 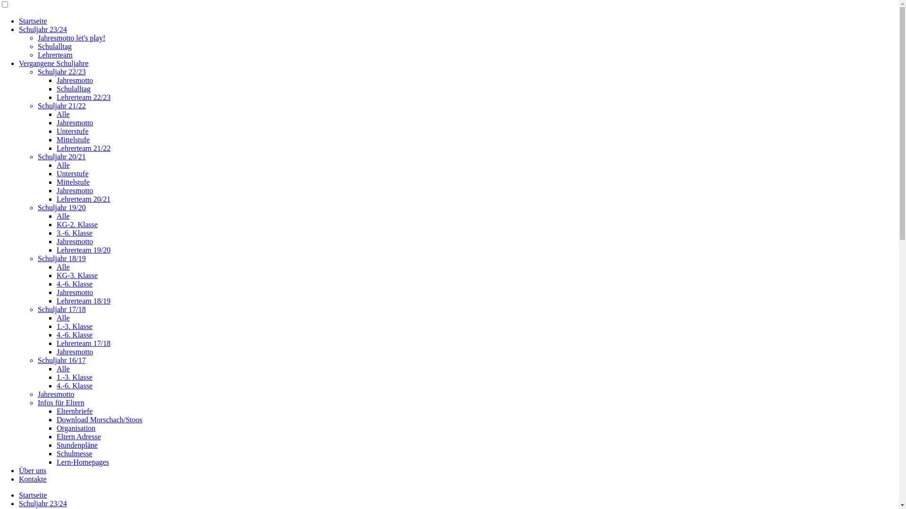 What do you see at coordinates (84, 198) in the screenshot?
I see `'Lehrerteam 20/21'` at bounding box center [84, 198].